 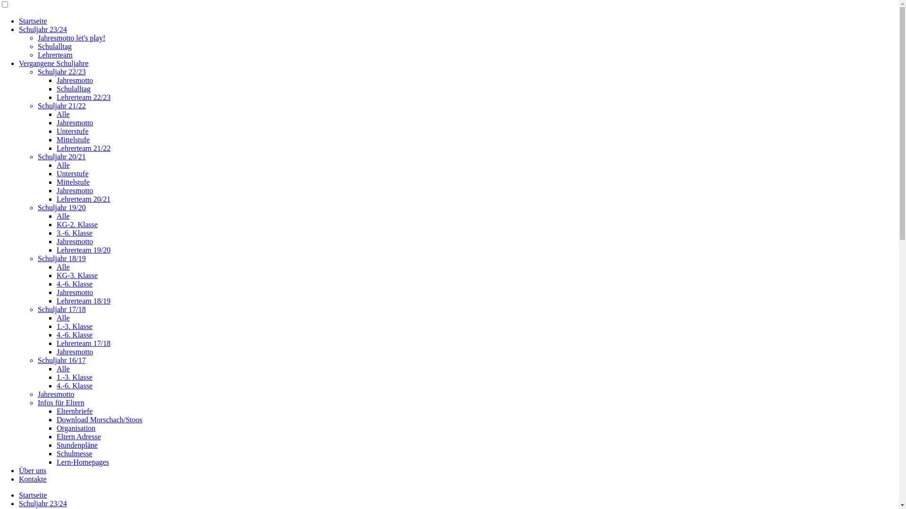 What do you see at coordinates (84, 198) in the screenshot?
I see `'Lehrerteam 20/21'` at bounding box center [84, 198].